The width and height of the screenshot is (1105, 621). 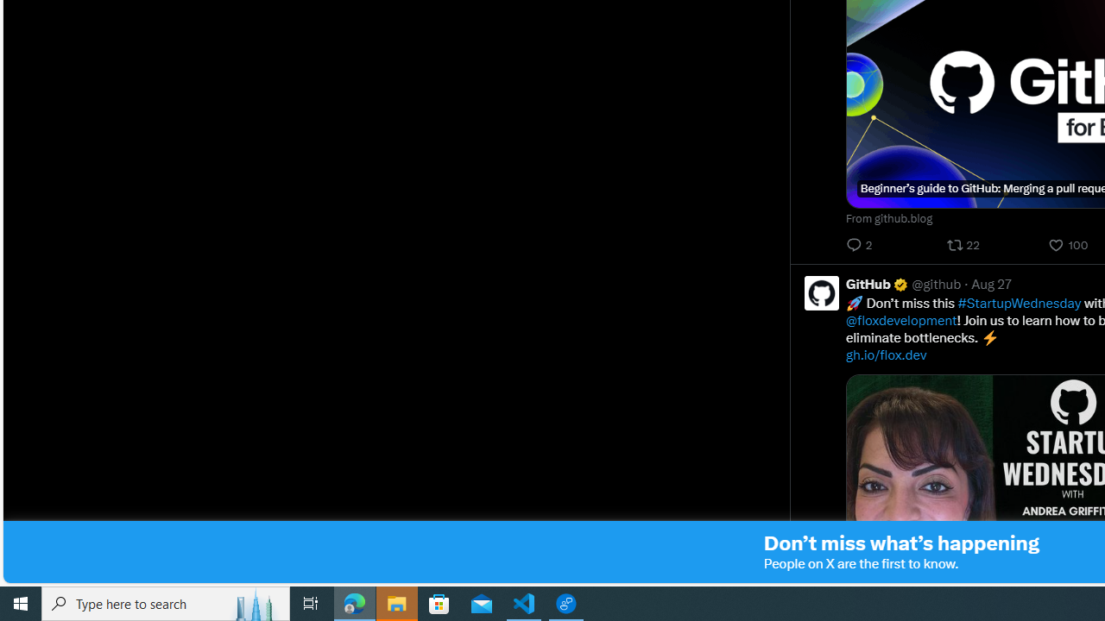 I want to click on 'Verified account', so click(x=900, y=283).